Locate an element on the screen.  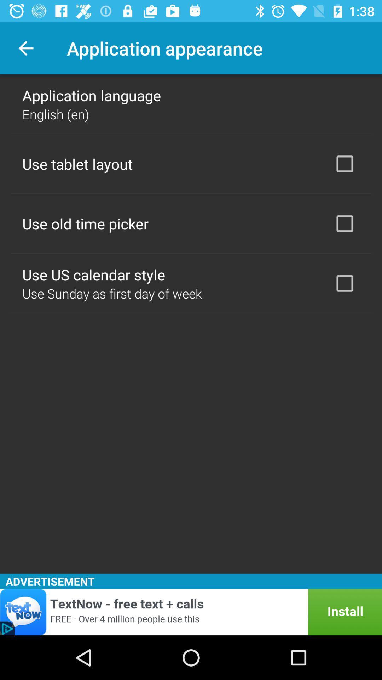
the item on the right is located at coordinates (345, 283).